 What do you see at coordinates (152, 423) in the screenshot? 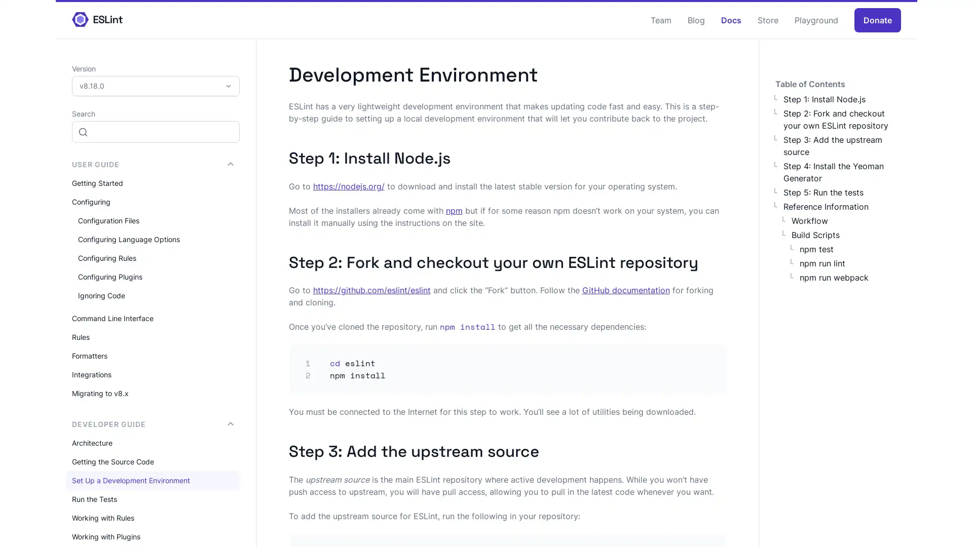
I see `DEVELOPER GUIDE` at bounding box center [152, 423].